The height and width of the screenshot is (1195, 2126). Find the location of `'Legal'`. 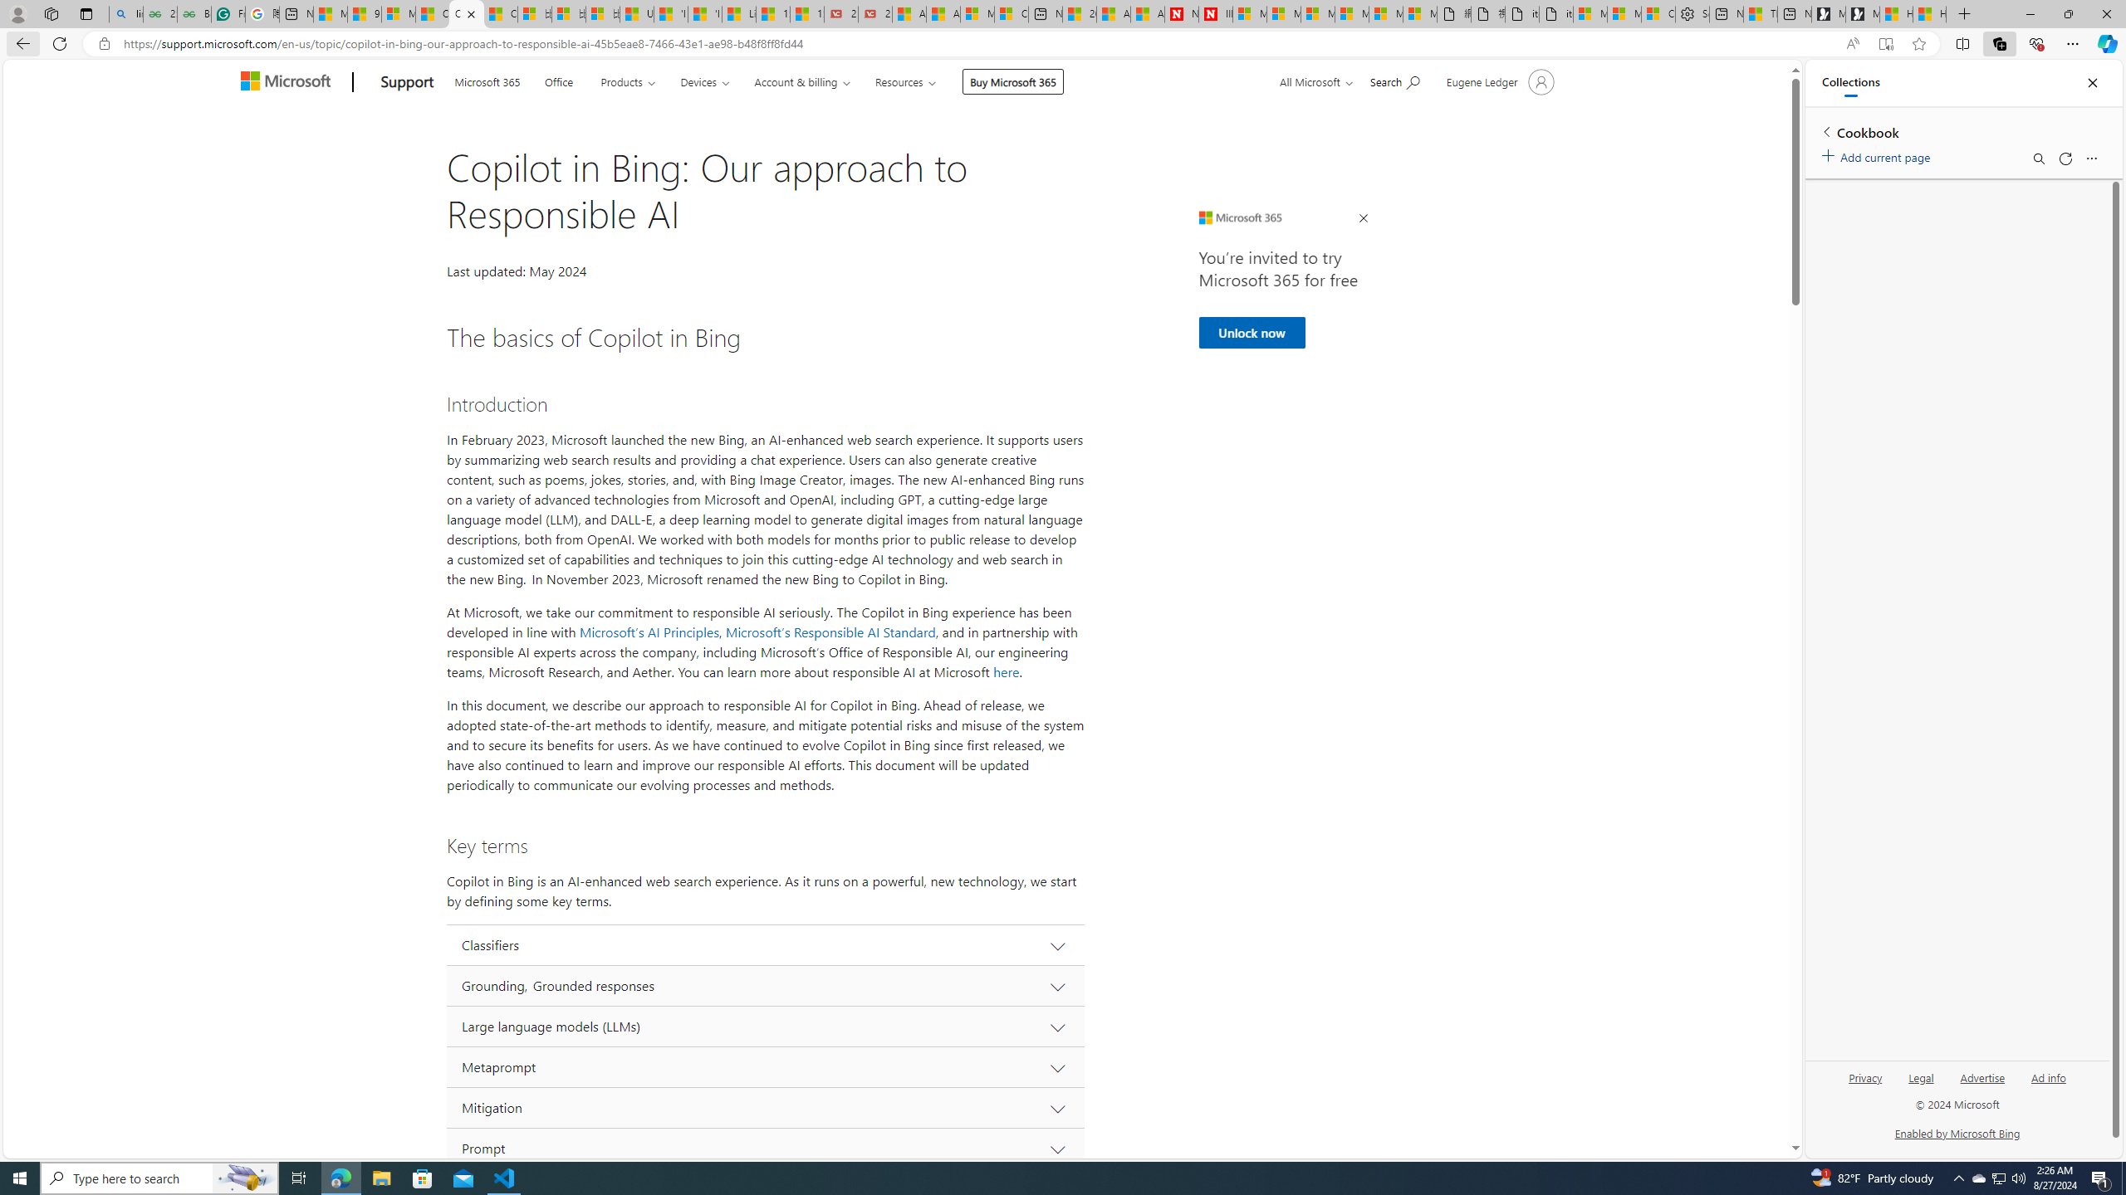

'Legal' is located at coordinates (1919, 1083).